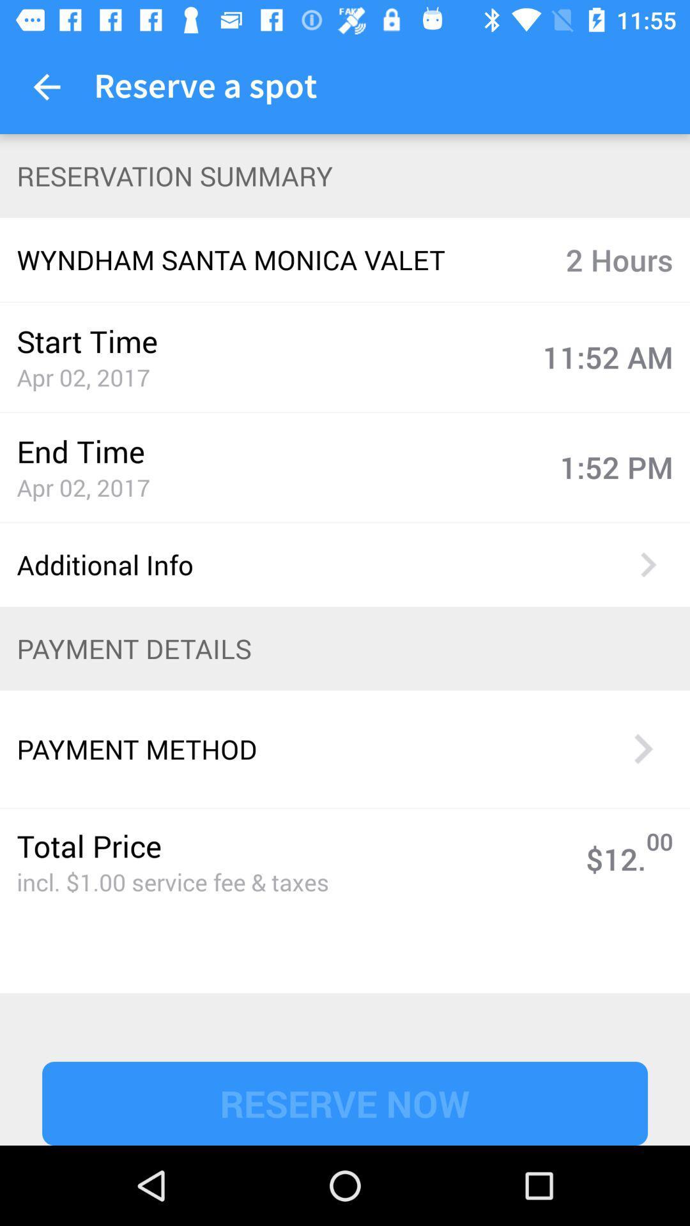 The image size is (690, 1226). What do you see at coordinates (46, 86) in the screenshot?
I see `the icon to the left of reserve a spot icon` at bounding box center [46, 86].